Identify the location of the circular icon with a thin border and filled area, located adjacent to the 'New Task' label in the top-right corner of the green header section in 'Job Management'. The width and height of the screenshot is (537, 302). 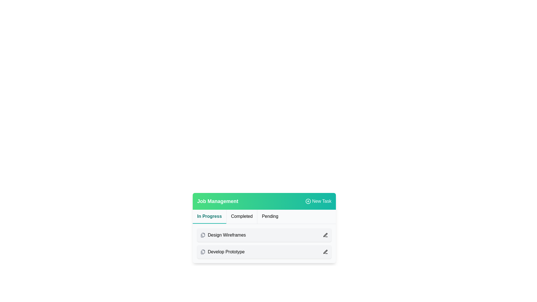
(308, 201).